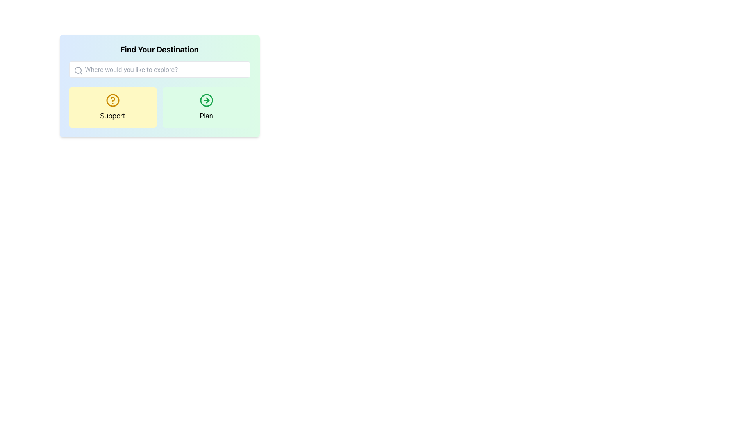 The image size is (750, 422). Describe the element at coordinates (206, 107) in the screenshot. I see `the interactive section with a green right arrow icon and the text 'Plan'` at that location.